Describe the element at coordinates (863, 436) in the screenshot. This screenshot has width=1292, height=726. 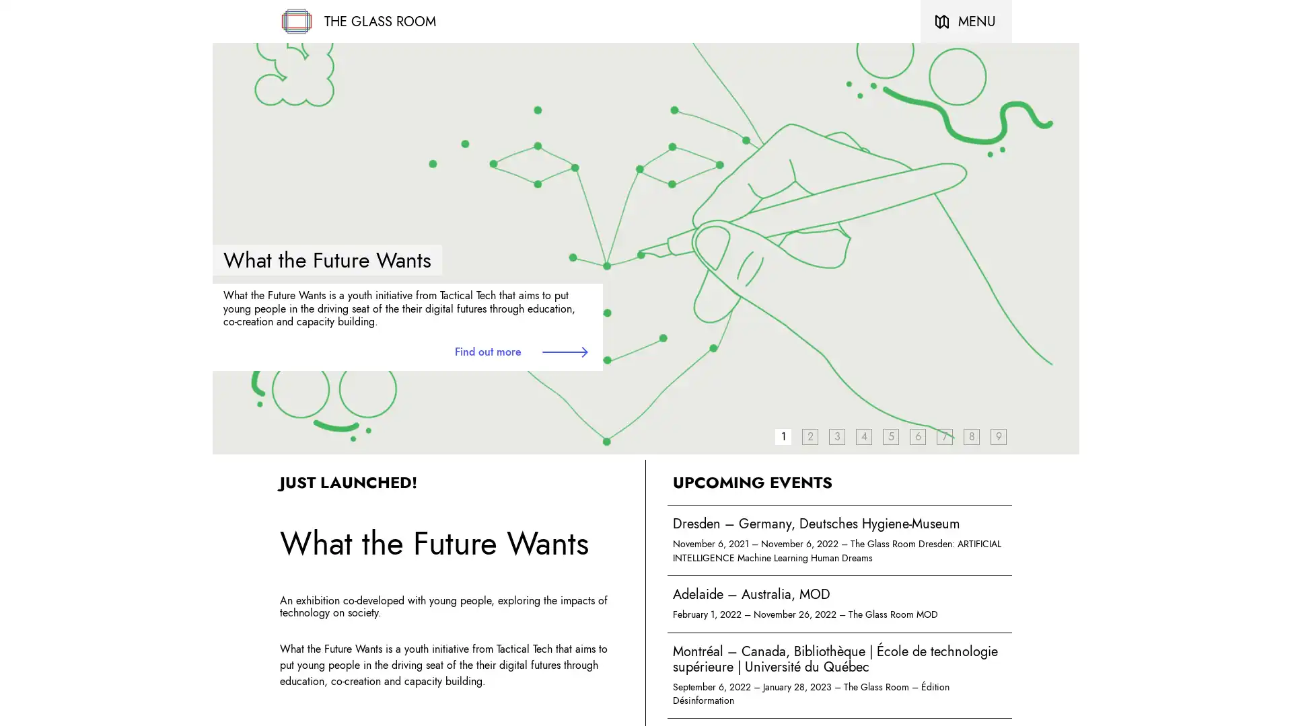
I see `slide item 4` at that location.